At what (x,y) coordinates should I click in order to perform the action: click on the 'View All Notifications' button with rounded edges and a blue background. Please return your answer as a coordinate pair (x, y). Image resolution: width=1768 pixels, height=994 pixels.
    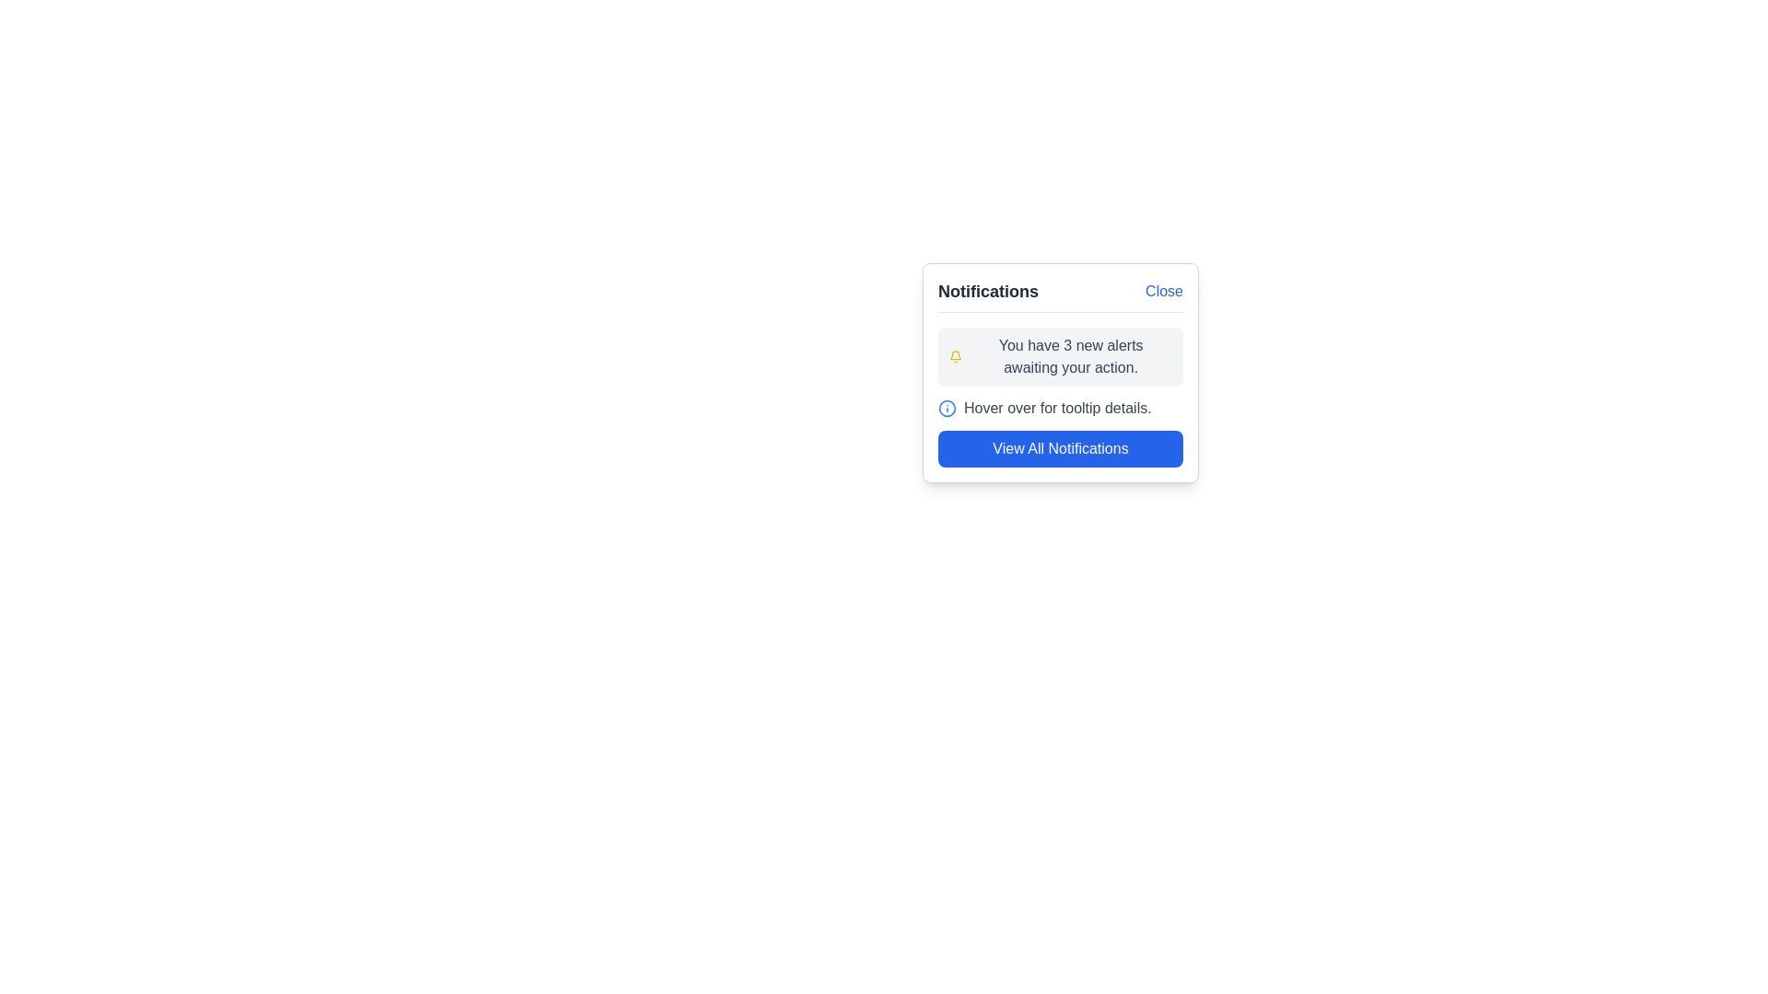
    Looking at the image, I should click on (1061, 449).